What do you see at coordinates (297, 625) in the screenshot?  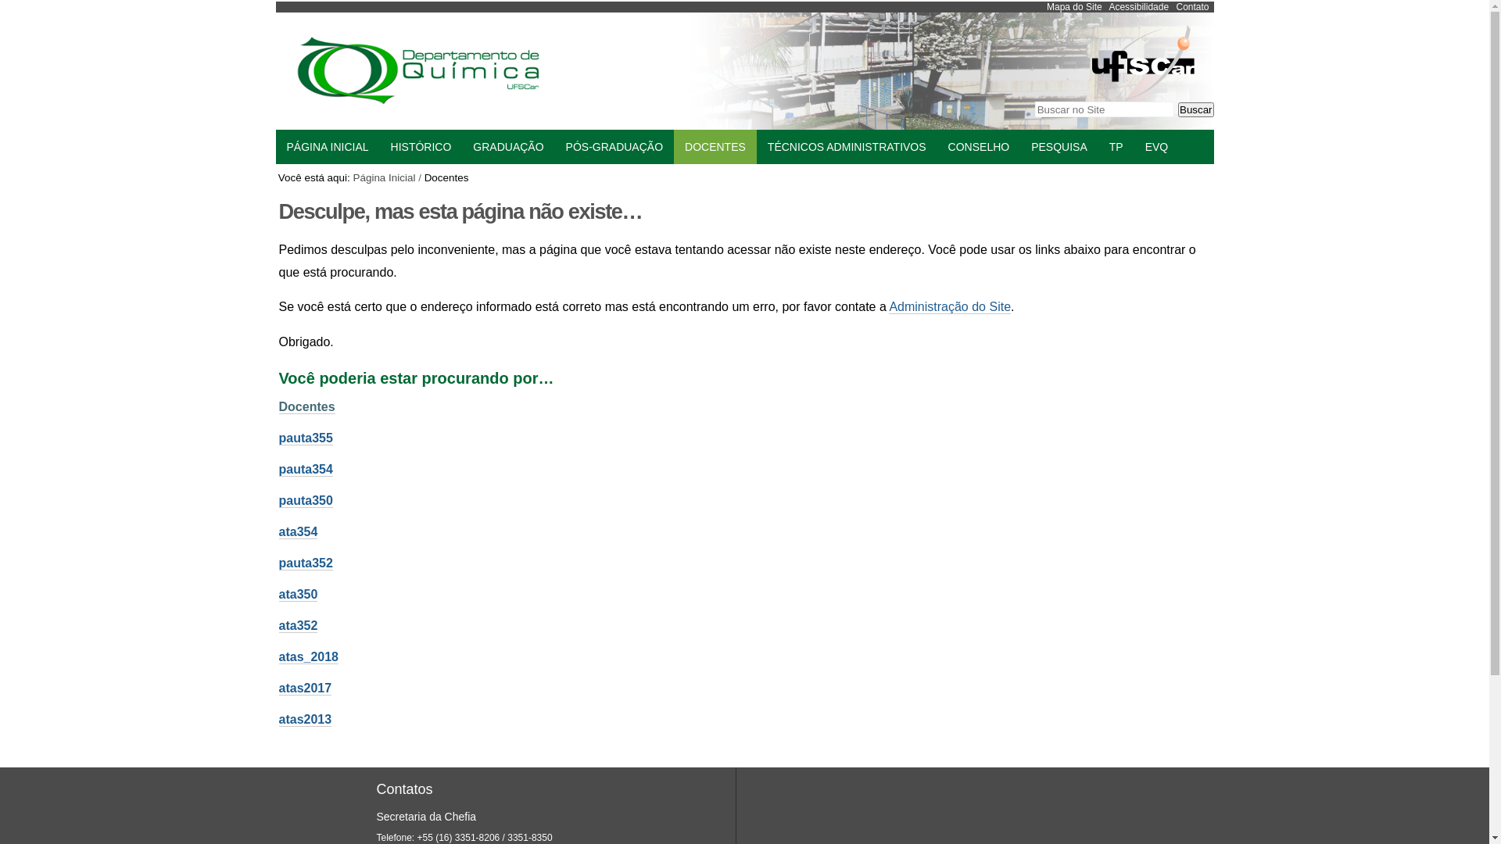 I see `'ata352'` at bounding box center [297, 625].